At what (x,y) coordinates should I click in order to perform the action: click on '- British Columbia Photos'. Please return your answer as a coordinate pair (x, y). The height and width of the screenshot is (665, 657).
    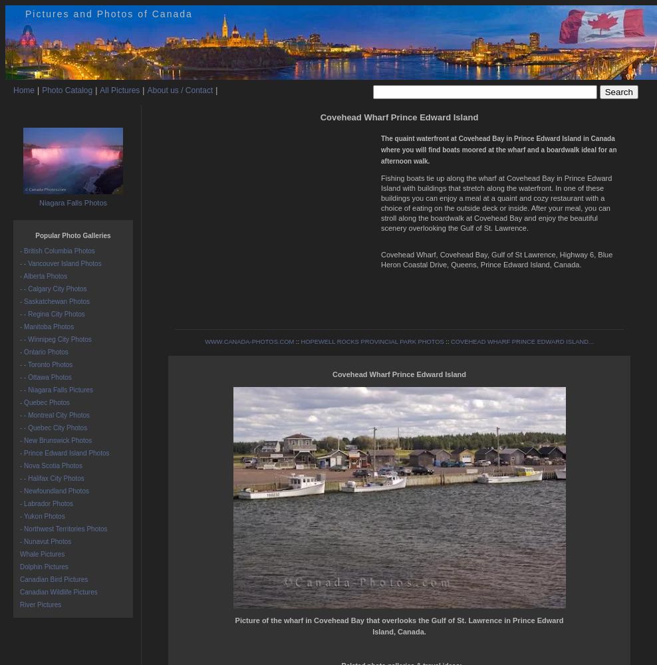
    Looking at the image, I should click on (57, 251).